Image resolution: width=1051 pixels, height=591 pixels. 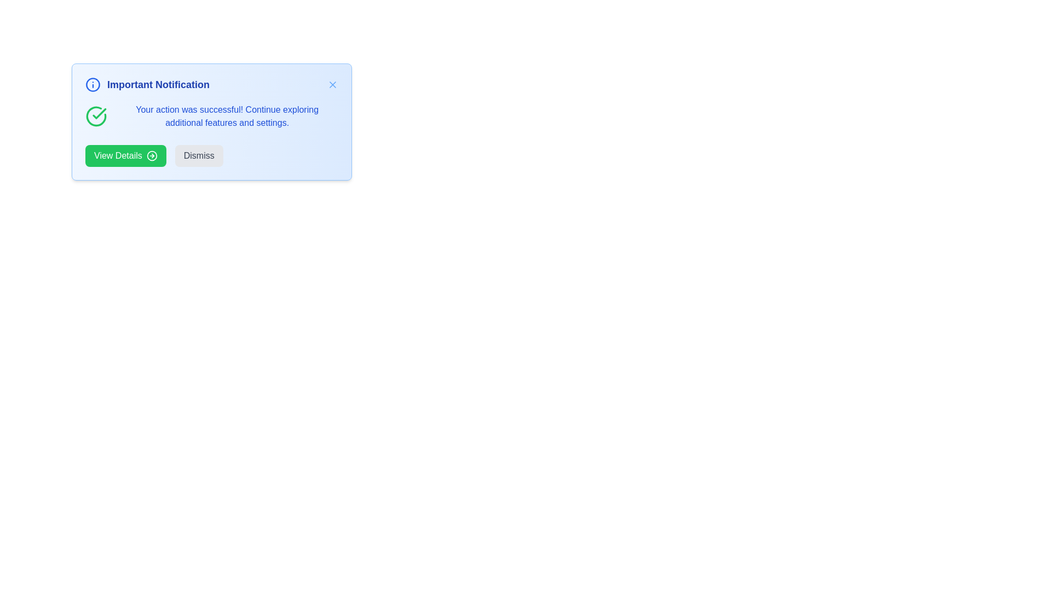 I want to click on the 'Dismiss' button to dismiss the notification, so click(x=199, y=156).